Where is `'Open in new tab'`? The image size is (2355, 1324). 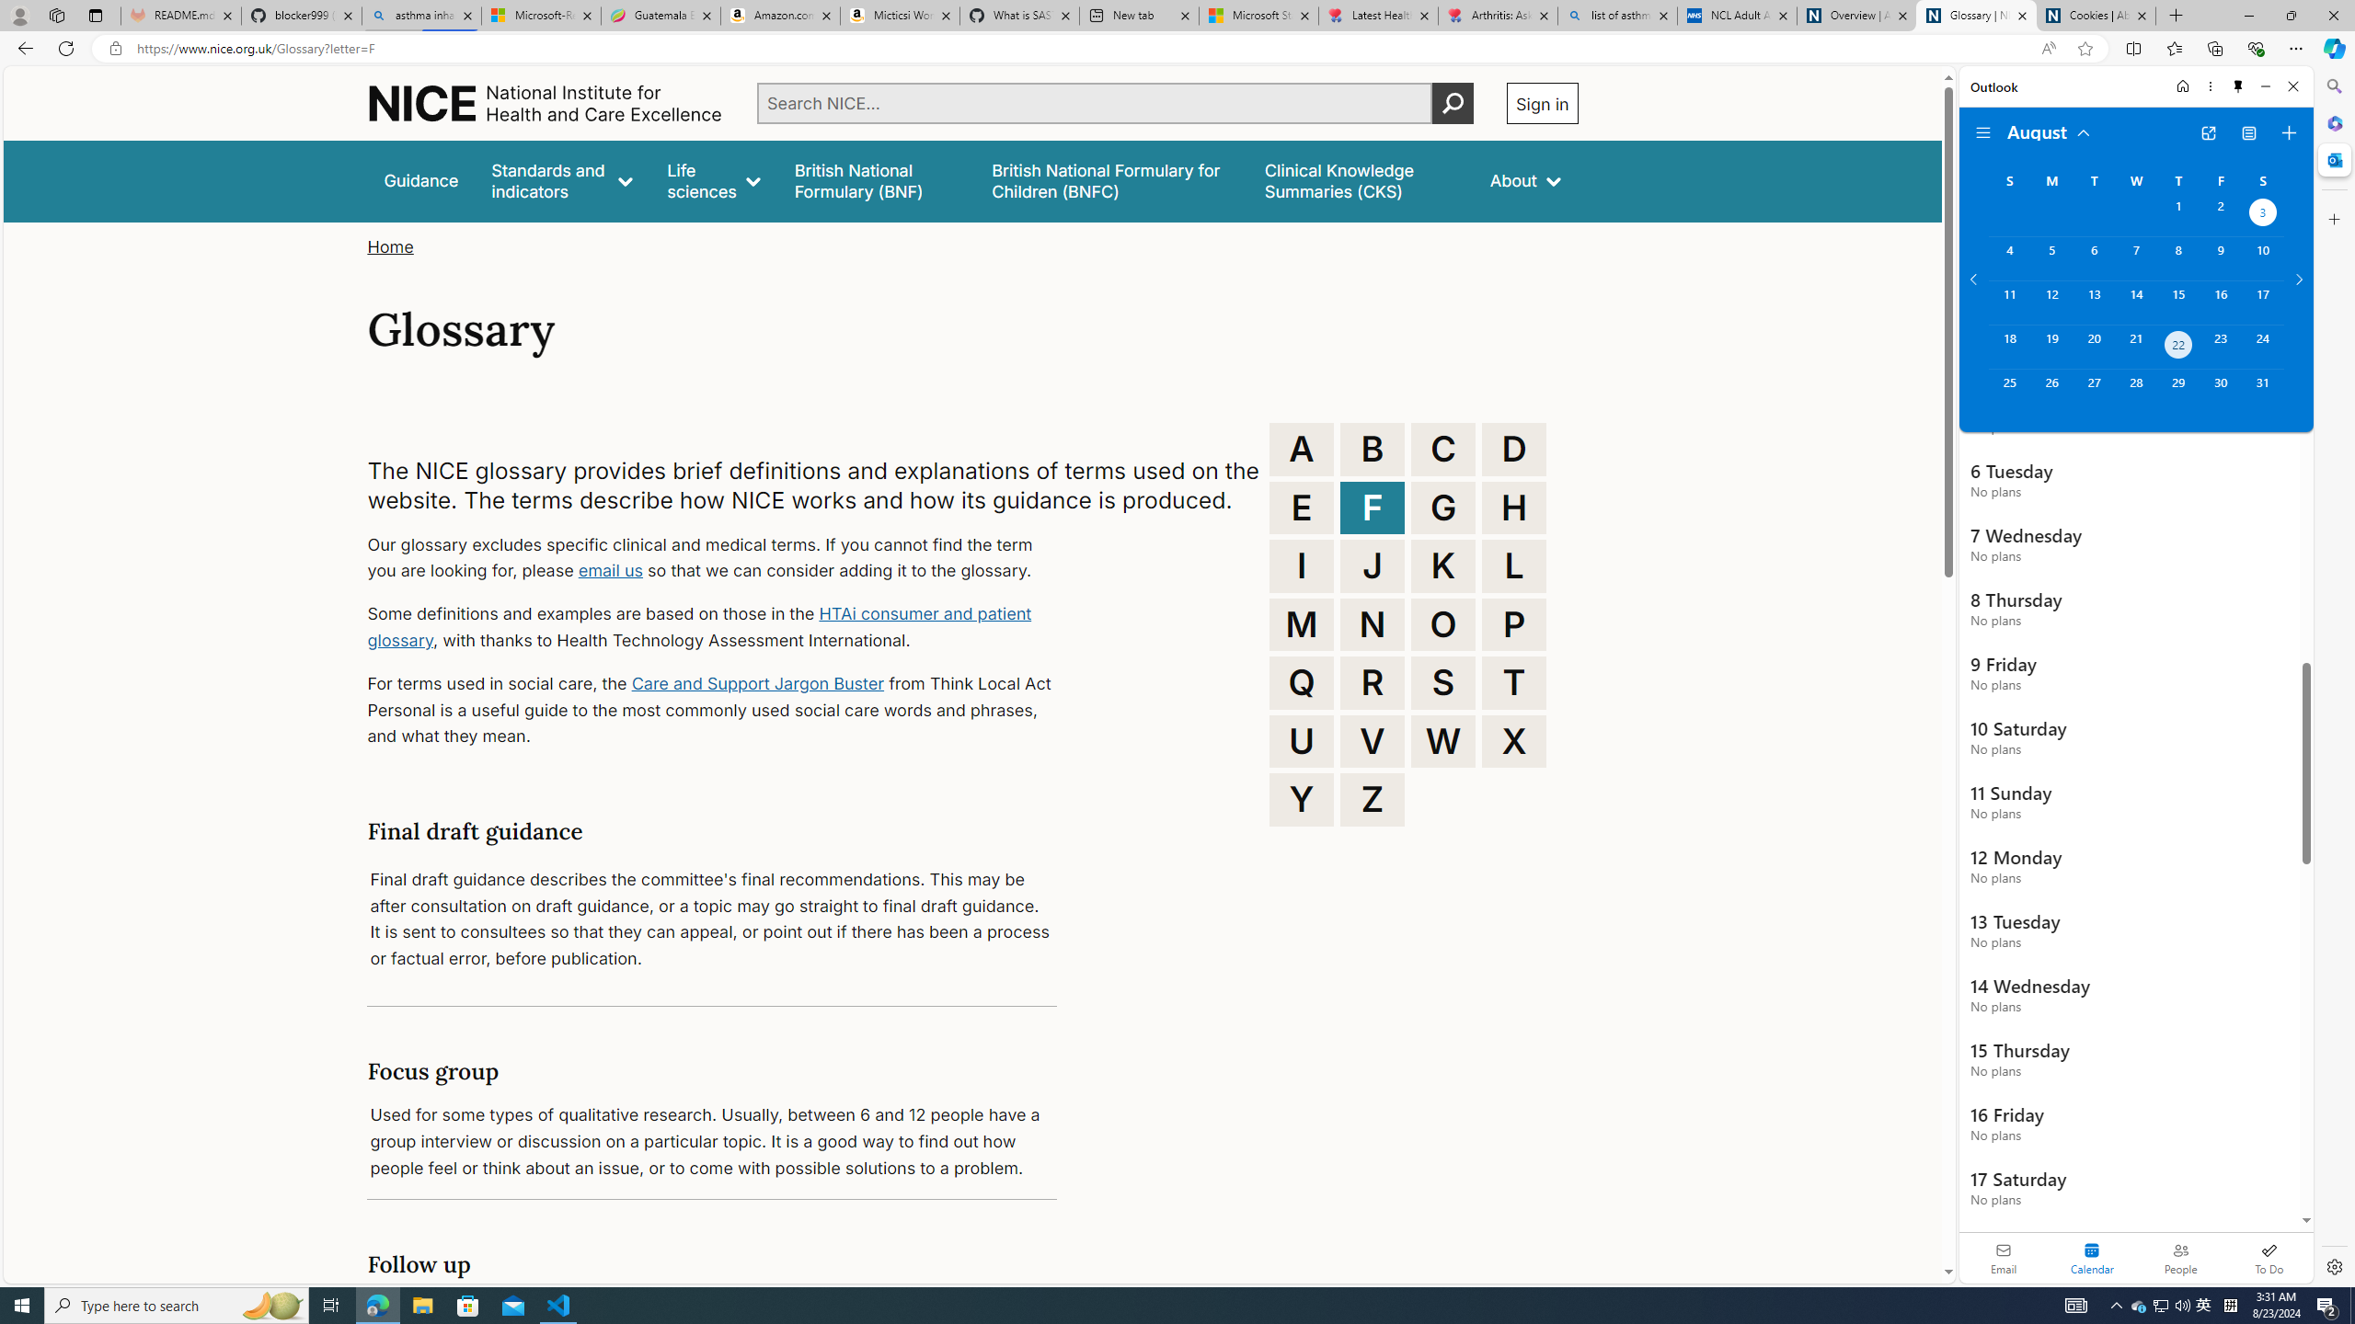
'Open in new tab' is located at coordinates (2209, 133).